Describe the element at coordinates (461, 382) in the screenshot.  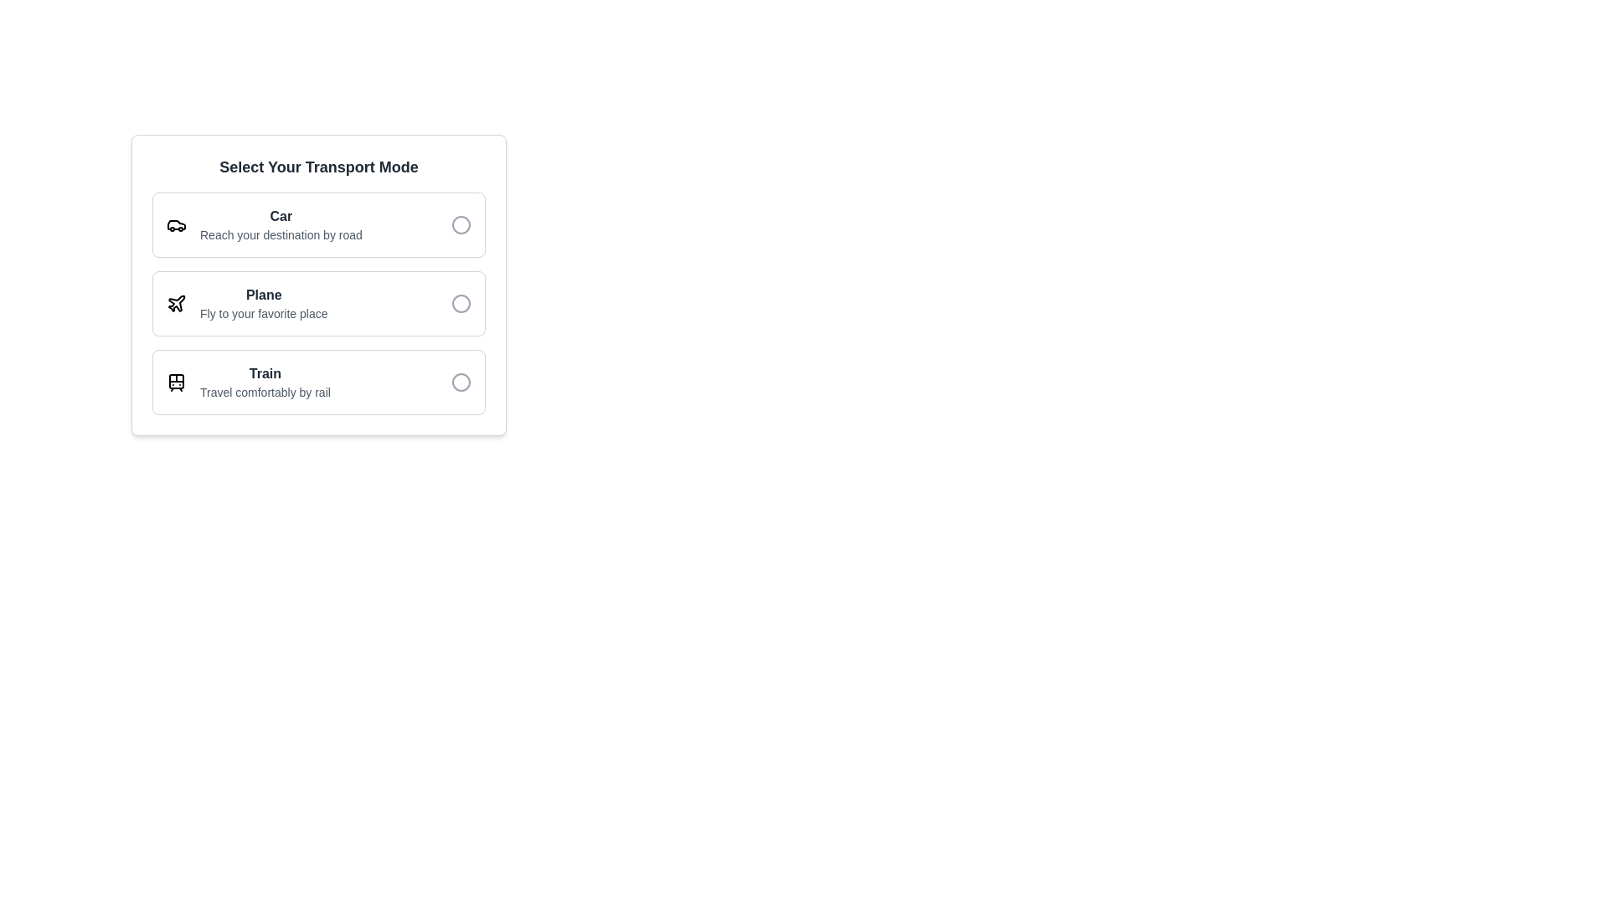
I see `the circular SVG graphic element styled with a thin border, located beneath the 'Train' option in the selection interface` at that location.